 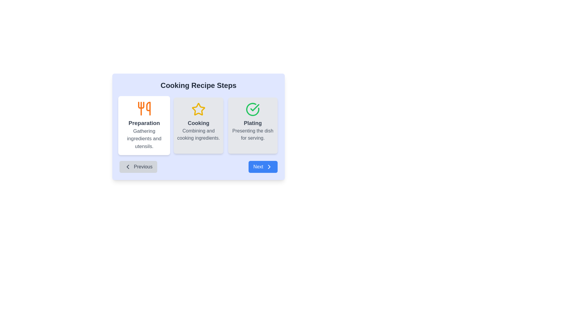 What do you see at coordinates (144, 125) in the screenshot?
I see `information provided on the 'Preparation' informational card, which is the first card in the cooking recipe sequence located in the left column above the 'Previous' navigation button` at bounding box center [144, 125].